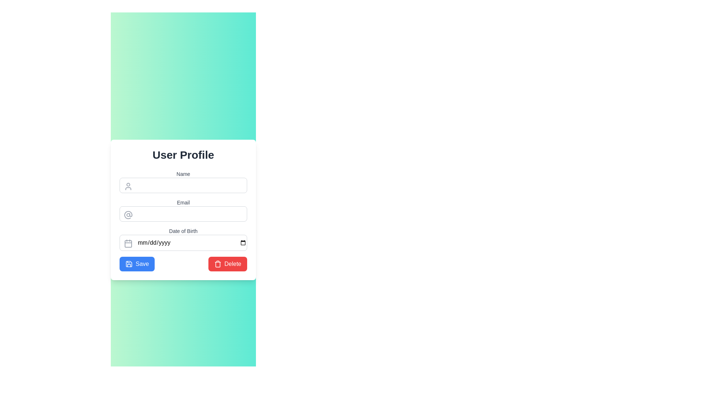 Image resolution: width=702 pixels, height=395 pixels. Describe the element at coordinates (137, 264) in the screenshot. I see `the 'Save' button located` at that location.